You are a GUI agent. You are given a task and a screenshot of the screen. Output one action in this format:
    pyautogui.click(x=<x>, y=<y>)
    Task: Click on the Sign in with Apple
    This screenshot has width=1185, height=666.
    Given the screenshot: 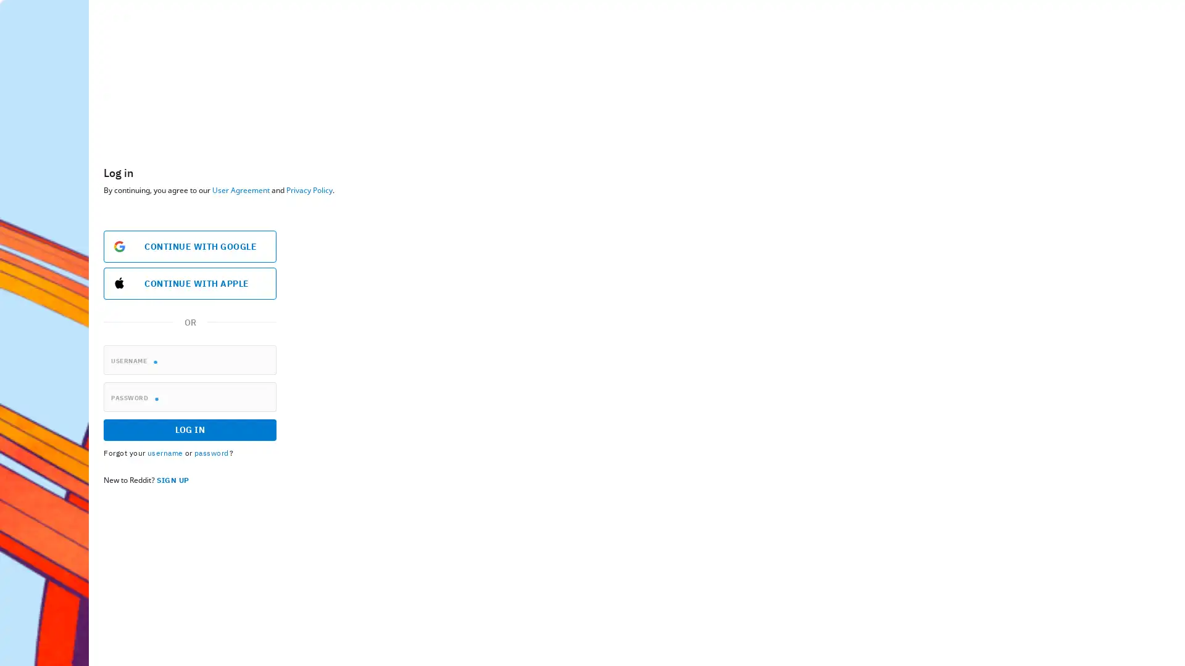 What is the action you would take?
    pyautogui.click(x=220, y=283)
    